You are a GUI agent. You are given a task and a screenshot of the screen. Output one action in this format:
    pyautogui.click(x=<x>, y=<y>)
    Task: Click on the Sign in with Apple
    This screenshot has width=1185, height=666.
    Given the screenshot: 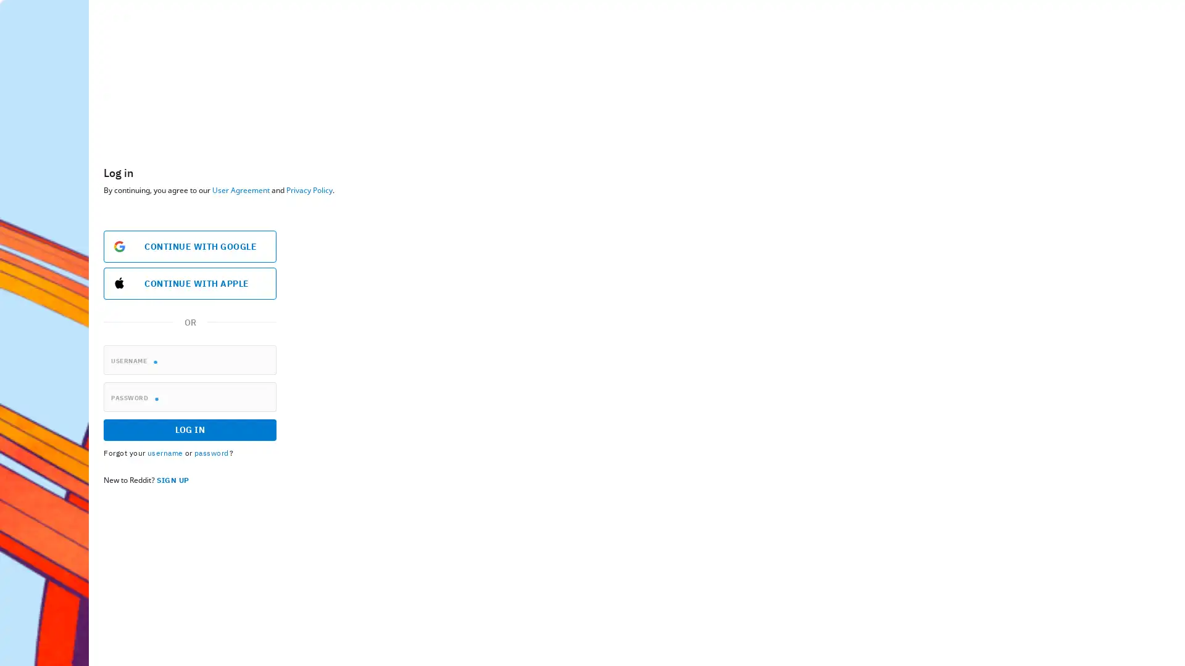 What is the action you would take?
    pyautogui.click(x=220, y=283)
    